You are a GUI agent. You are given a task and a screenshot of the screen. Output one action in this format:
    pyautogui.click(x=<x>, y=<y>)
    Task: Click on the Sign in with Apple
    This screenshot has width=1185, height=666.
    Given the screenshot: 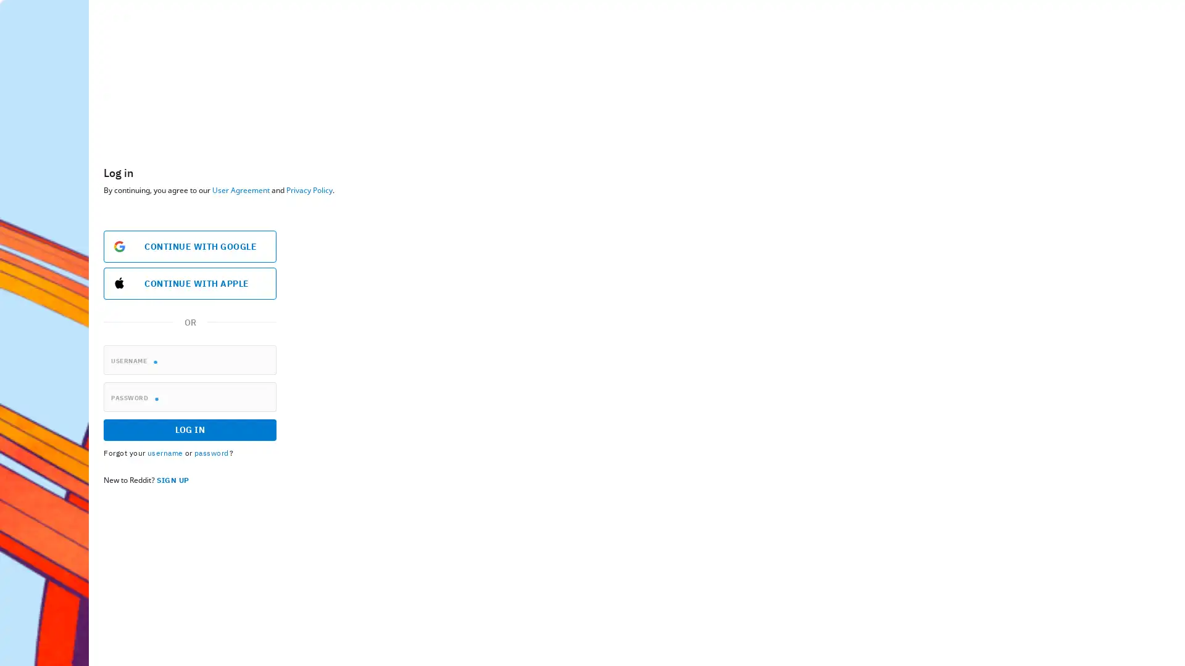 What is the action you would take?
    pyautogui.click(x=220, y=283)
    